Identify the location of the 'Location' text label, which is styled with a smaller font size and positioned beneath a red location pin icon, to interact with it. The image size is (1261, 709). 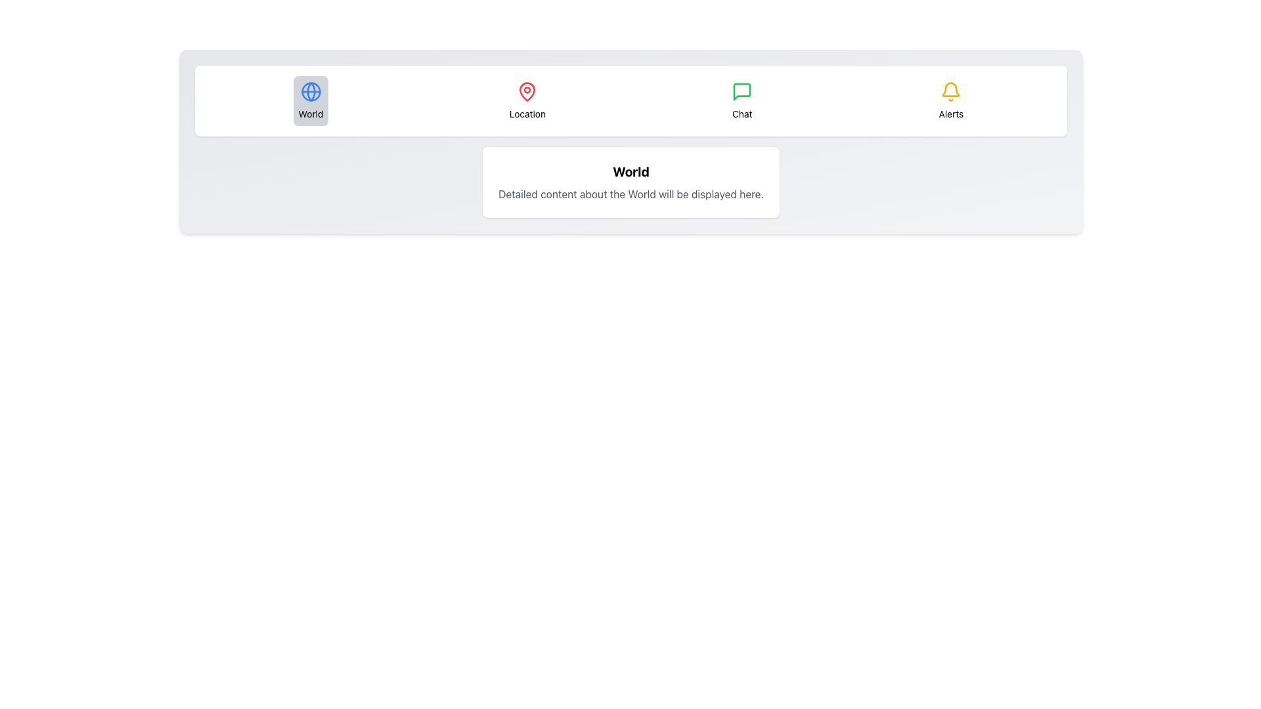
(527, 113).